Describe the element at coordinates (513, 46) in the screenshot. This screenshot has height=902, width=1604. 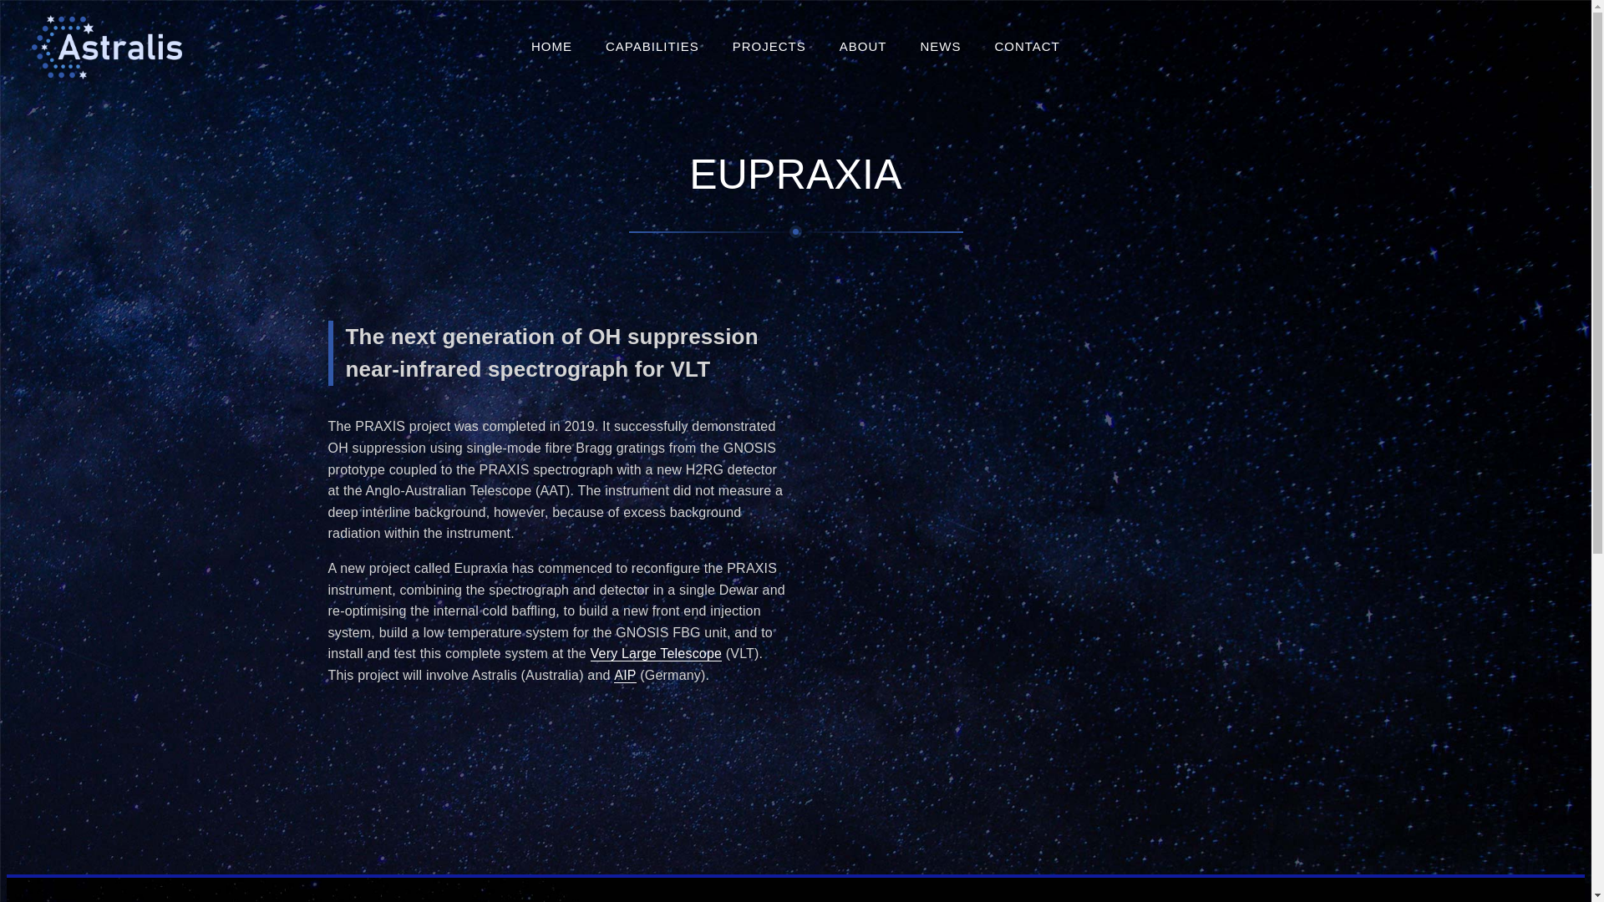
I see `'HOME'` at that location.